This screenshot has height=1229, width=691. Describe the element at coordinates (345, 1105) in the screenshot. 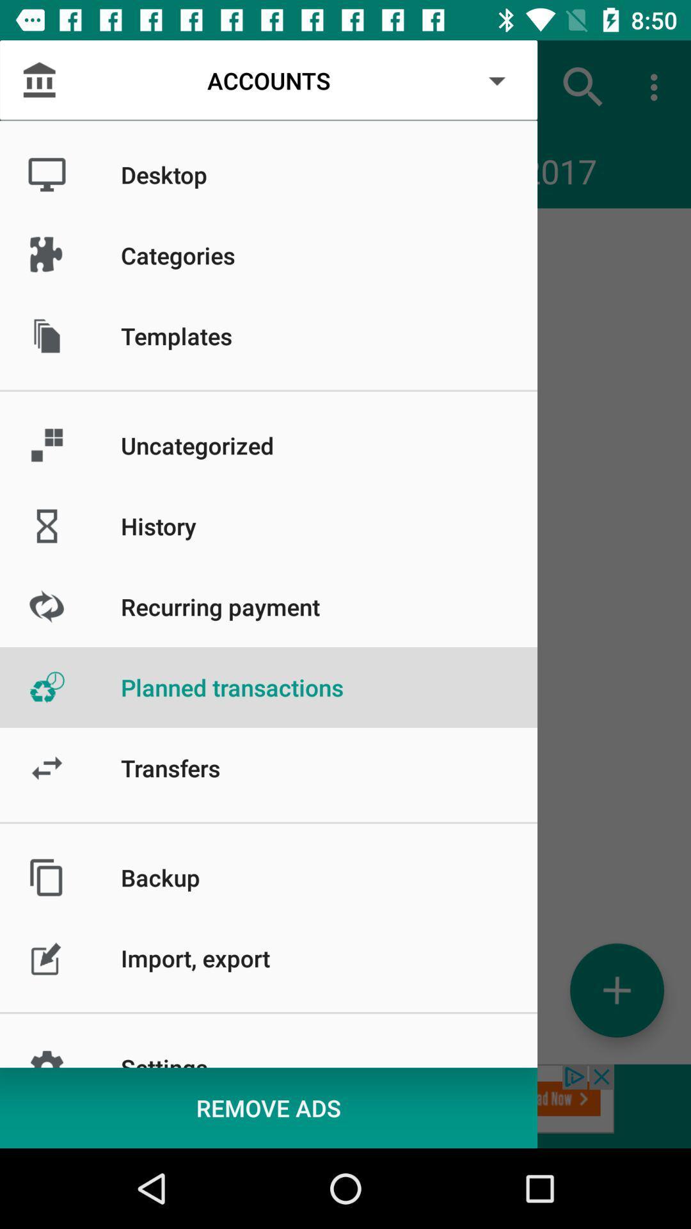

I see `open remove advertisements payment screen` at that location.